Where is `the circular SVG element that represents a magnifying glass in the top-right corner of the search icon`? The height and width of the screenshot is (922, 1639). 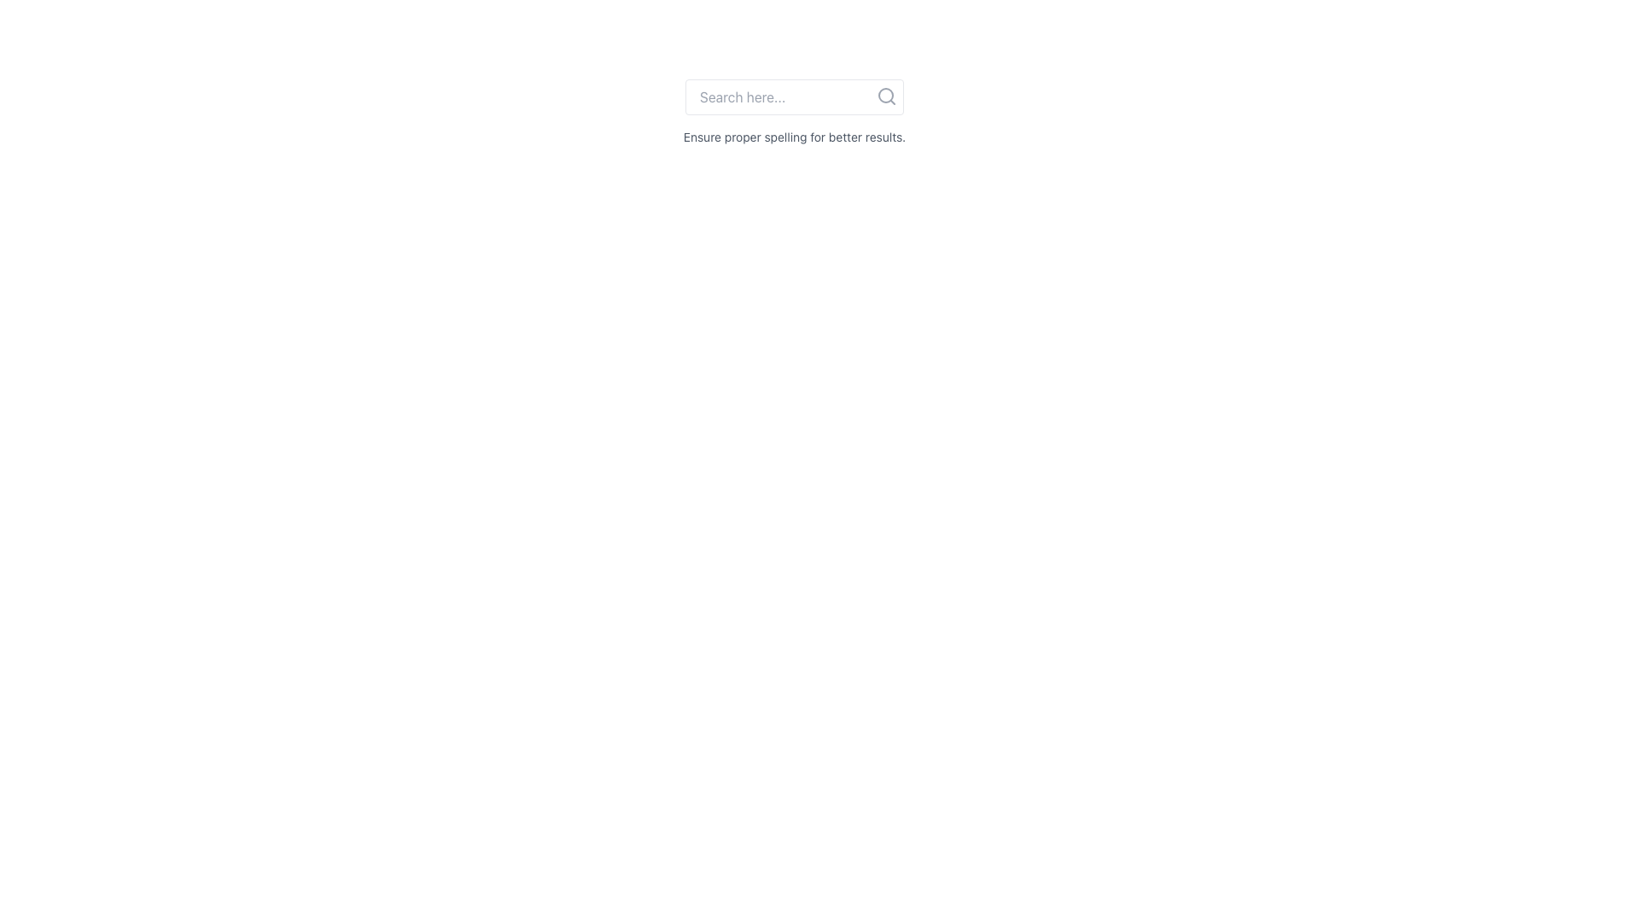
the circular SVG element that represents a magnifying glass in the top-right corner of the search icon is located at coordinates (885, 95).